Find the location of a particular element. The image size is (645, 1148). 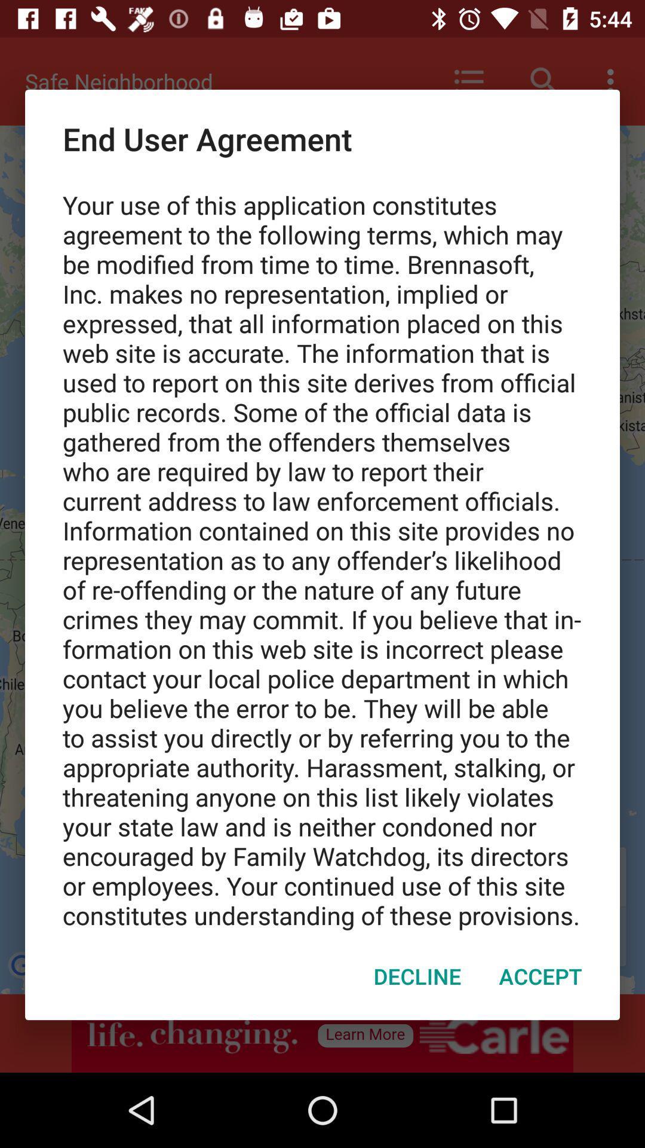

the item next to decline icon is located at coordinates (540, 976).